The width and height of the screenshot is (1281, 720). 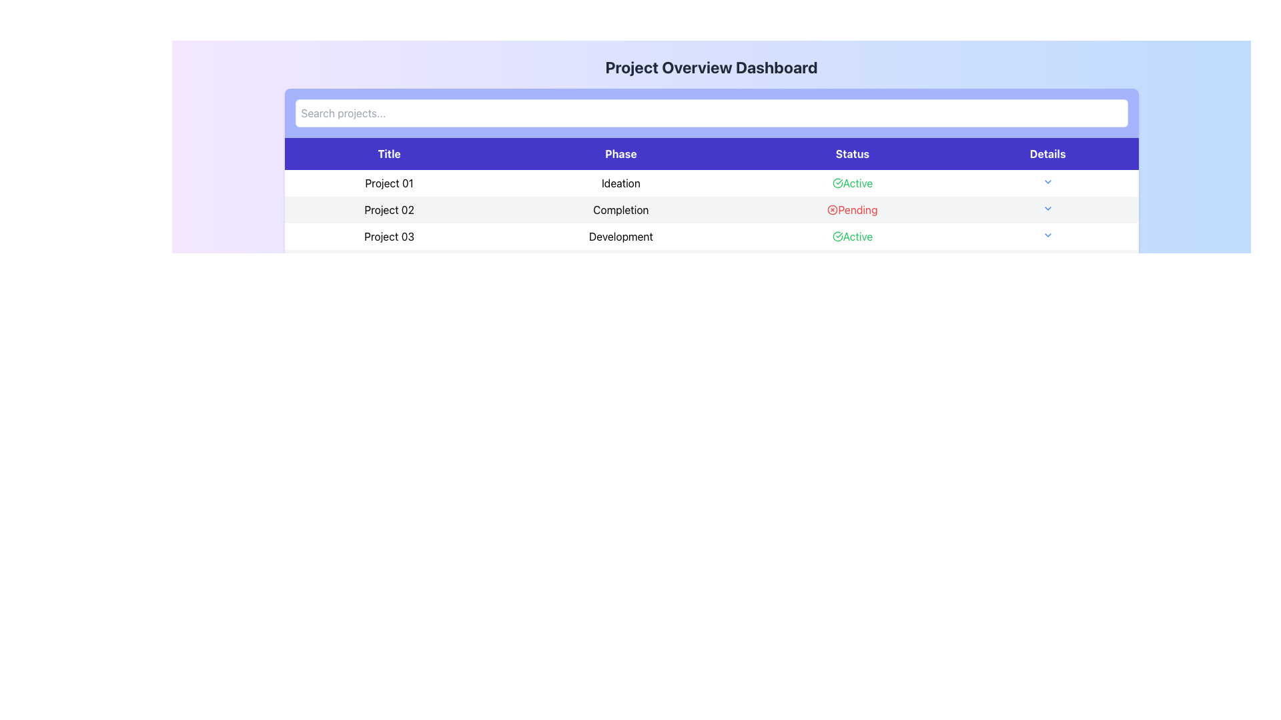 What do you see at coordinates (1047, 183) in the screenshot?
I see `the Dropdown toggle button in the 'Details' column for 'Project 01'` at bounding box center [1047, 183].